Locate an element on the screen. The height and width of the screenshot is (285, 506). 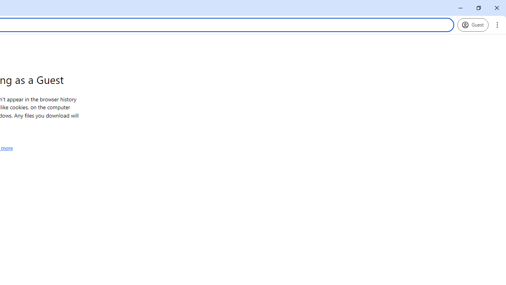
'Guest' is located at coordinates (473, 24).